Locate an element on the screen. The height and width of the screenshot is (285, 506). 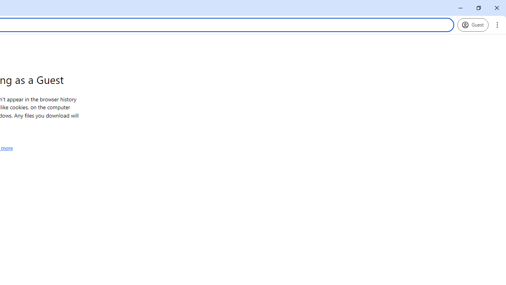
'Guest' is located at coordinates (473, 24).